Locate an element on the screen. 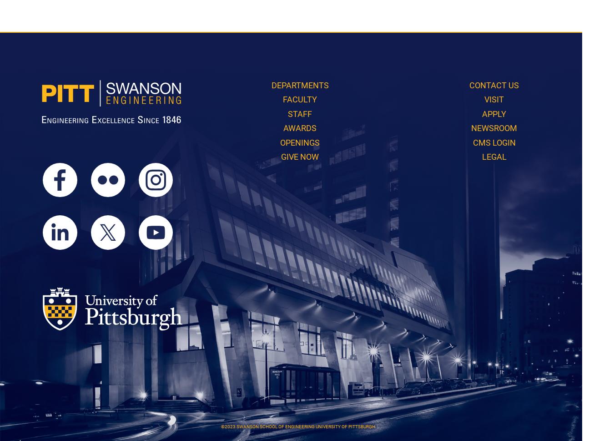 The width and height of the screenshot is (589, 441). 'Staff' is located at coordinates (300, 113).